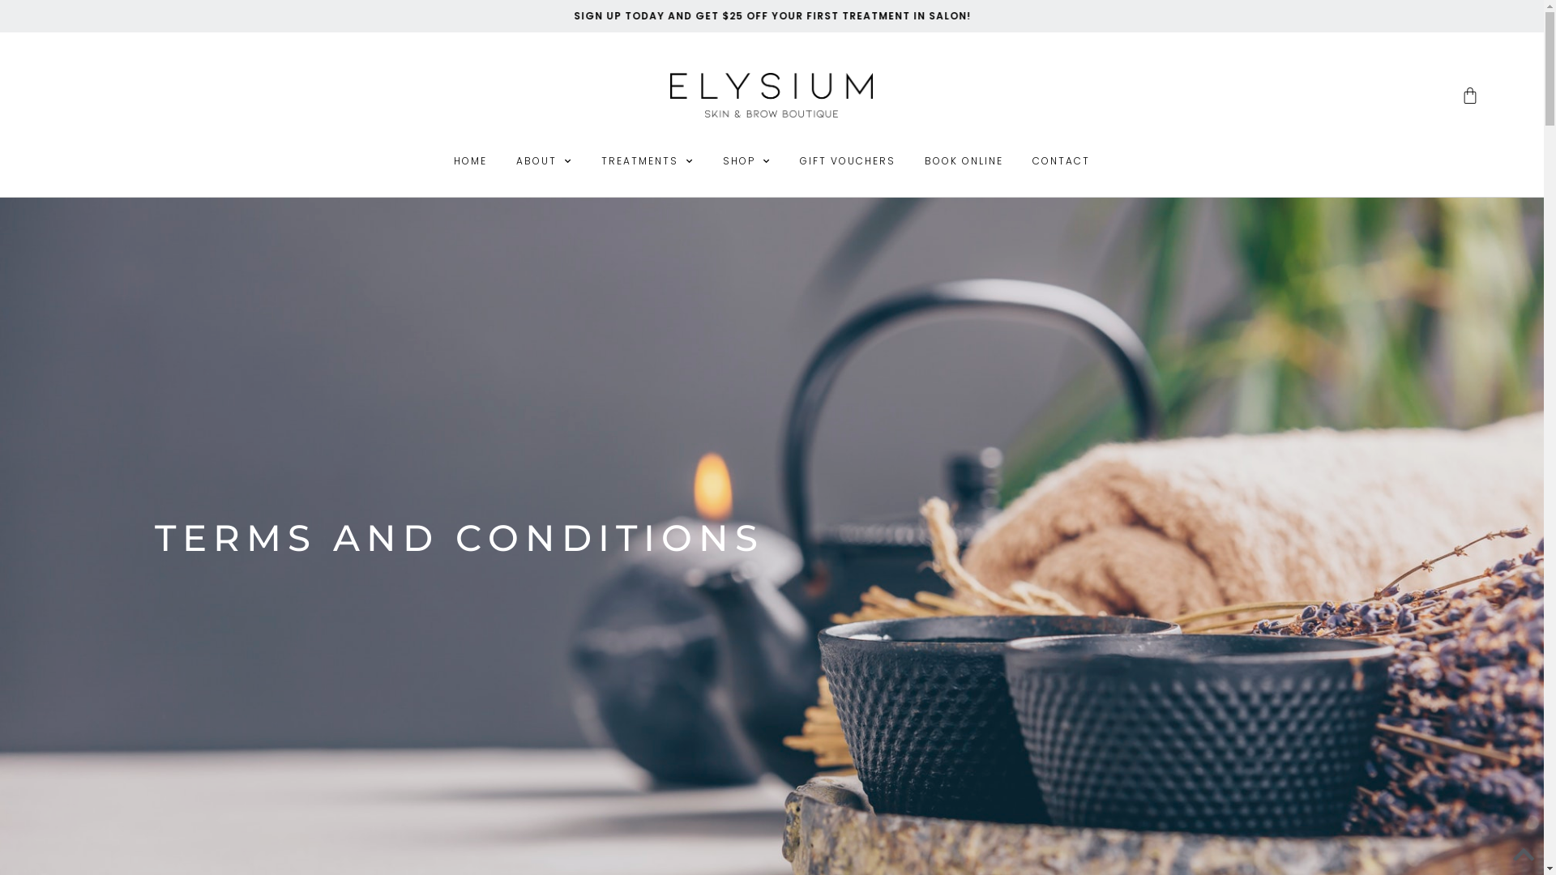  What do you see at coordinates (964, 161) in the screenshot?
I see `'BOOK ONLINE'` at bounding box center [964, 161].